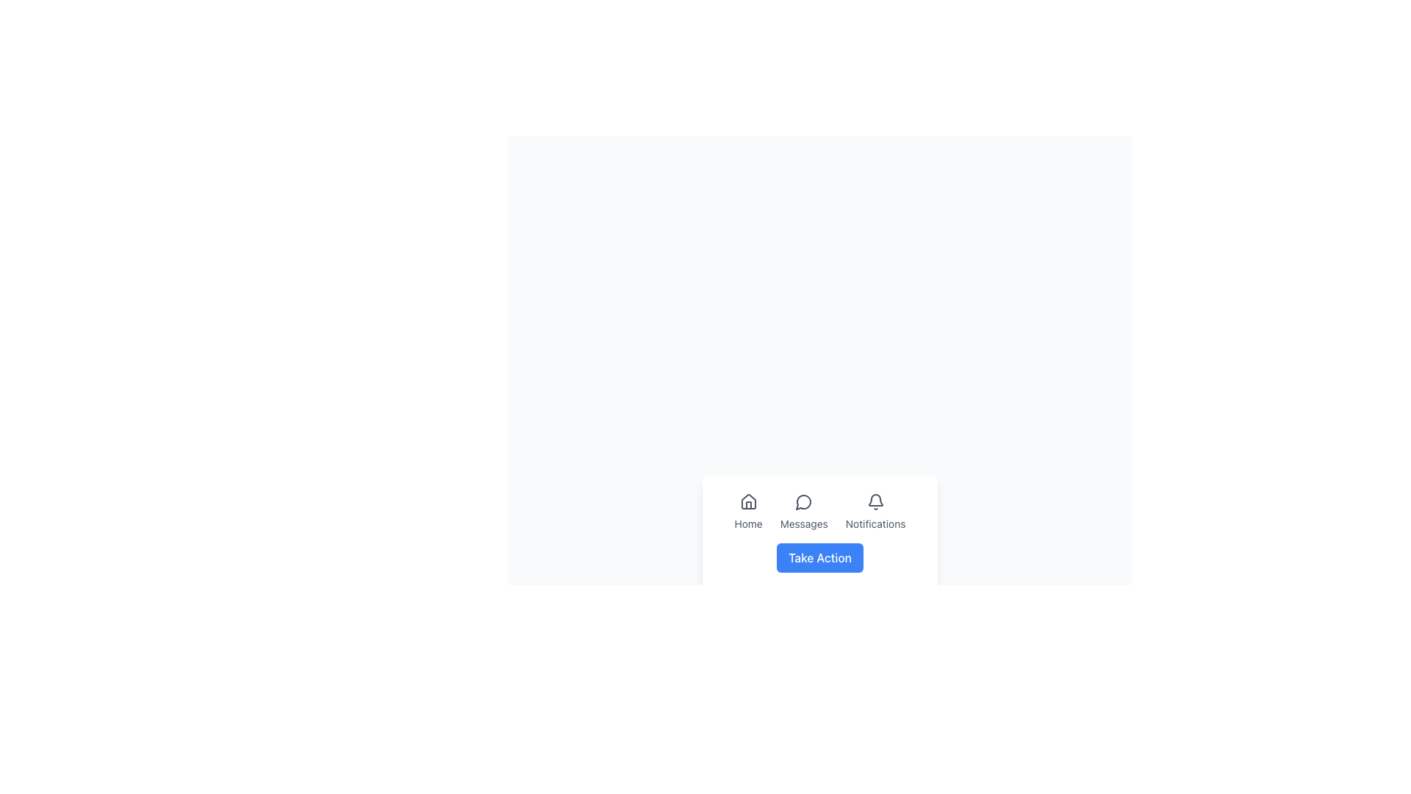 The width and height of the screenshot is (1411, 794). Describe the element at coordinates (803, 512) in the screenshot. I see `the 'Messages' button, which features a speech bubble icon and the text 'Messages'` at that location.